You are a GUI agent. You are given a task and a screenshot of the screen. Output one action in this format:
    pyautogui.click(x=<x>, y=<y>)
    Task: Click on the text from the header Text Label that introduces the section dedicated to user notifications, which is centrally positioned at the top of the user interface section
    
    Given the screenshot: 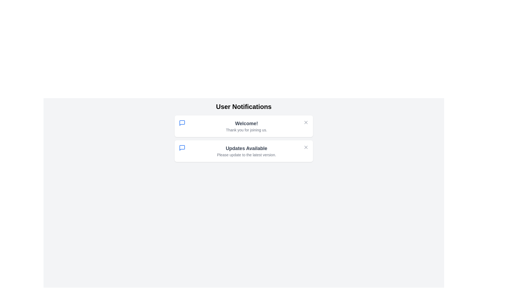 What is the action you would take?
    pyautogui.click(x=244, y=107)
    